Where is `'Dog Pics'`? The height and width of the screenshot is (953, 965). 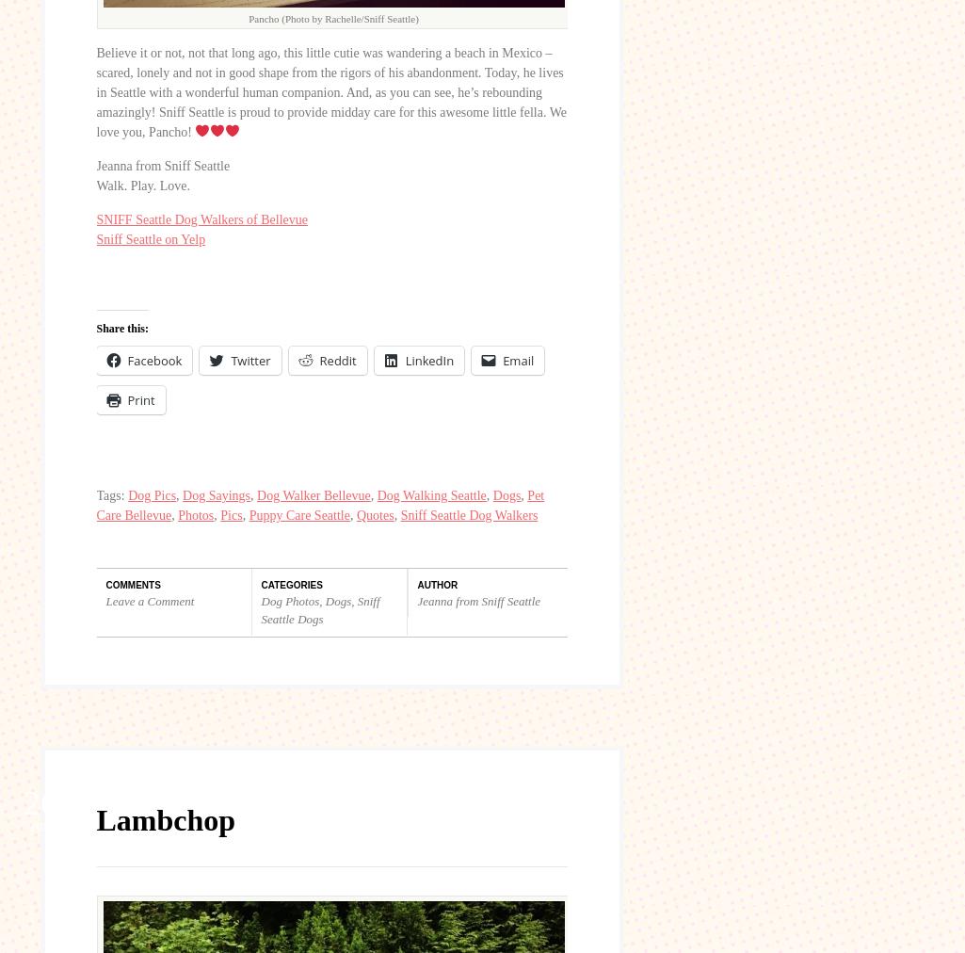
'Dog Pics' is located at coordinates (151, 493).